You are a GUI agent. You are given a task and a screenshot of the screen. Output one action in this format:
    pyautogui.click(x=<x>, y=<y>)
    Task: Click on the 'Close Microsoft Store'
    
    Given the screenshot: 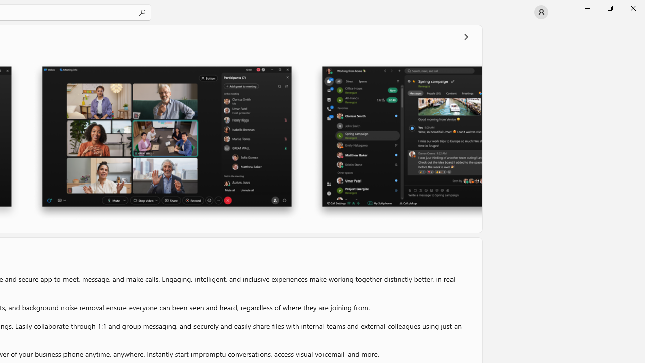 What is the action you would take?
    pyautogui.click(x=632, y=8)
    